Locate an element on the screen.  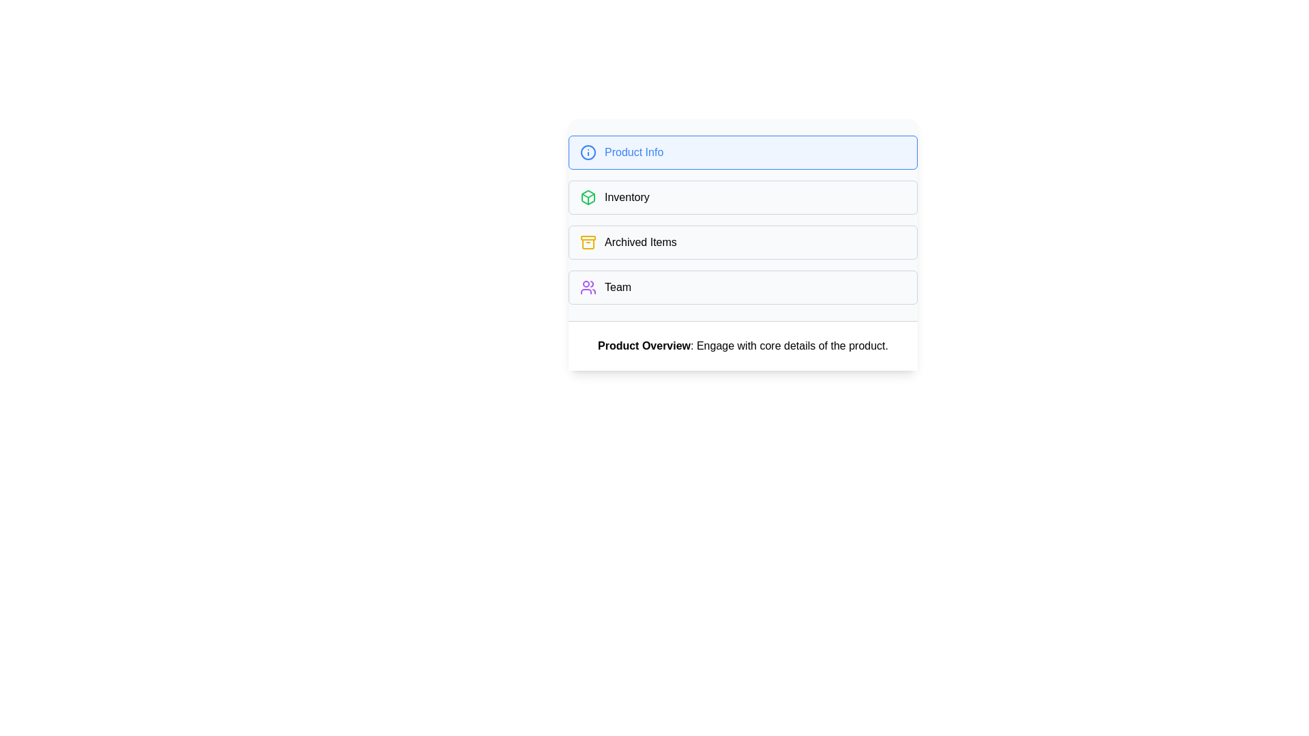
the tab titled Product Info by clicking on its title is located at coordinates (742, 152).